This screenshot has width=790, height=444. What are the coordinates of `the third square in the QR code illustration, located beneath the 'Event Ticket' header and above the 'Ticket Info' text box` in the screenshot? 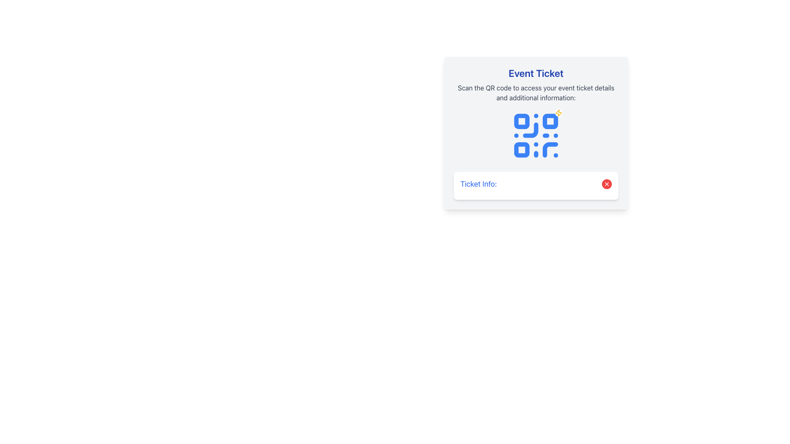 It's located at (521, 150).